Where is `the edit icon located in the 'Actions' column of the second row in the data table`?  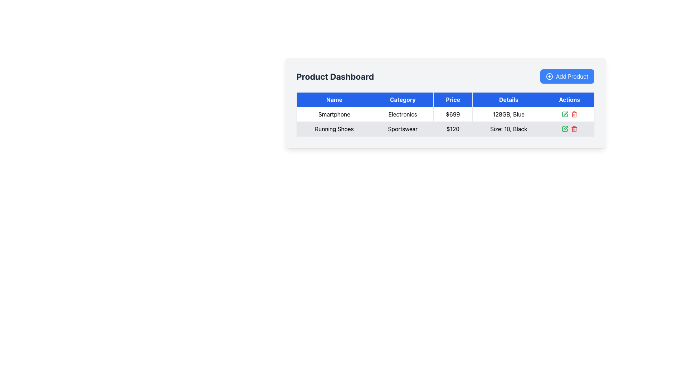
the edit icon located in the 'Actions' column of the second row in the data table is located at coordinates (565, 128).